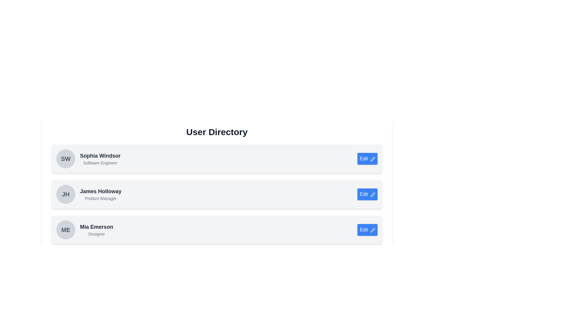  Describe the element at coordinates (372, 159) in the screenshot. I see `the edit icon within the 'Edit' button located at the far right of the user entry for 'Sophia Windsor'` at that location.